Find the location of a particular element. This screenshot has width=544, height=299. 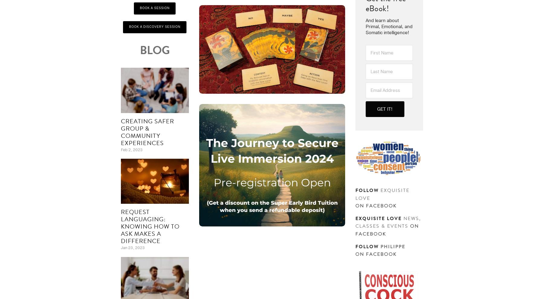

'Creating Safer Group & Community Experiences' is located at coordinates (147, 132).